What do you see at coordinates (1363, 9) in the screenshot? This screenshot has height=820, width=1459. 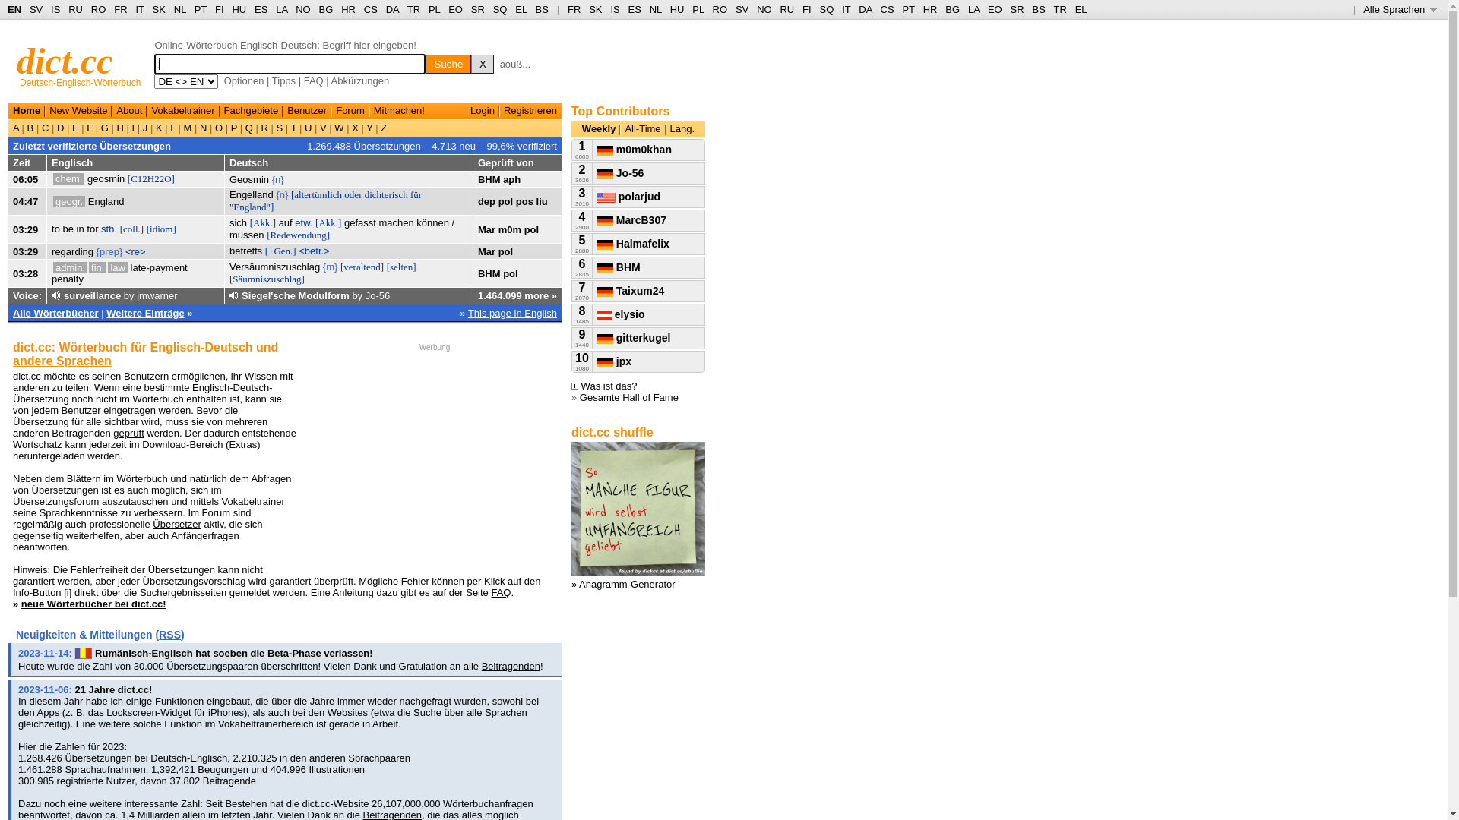 I see `'Alle Sprachen '` at bounding box center [1363, 9].